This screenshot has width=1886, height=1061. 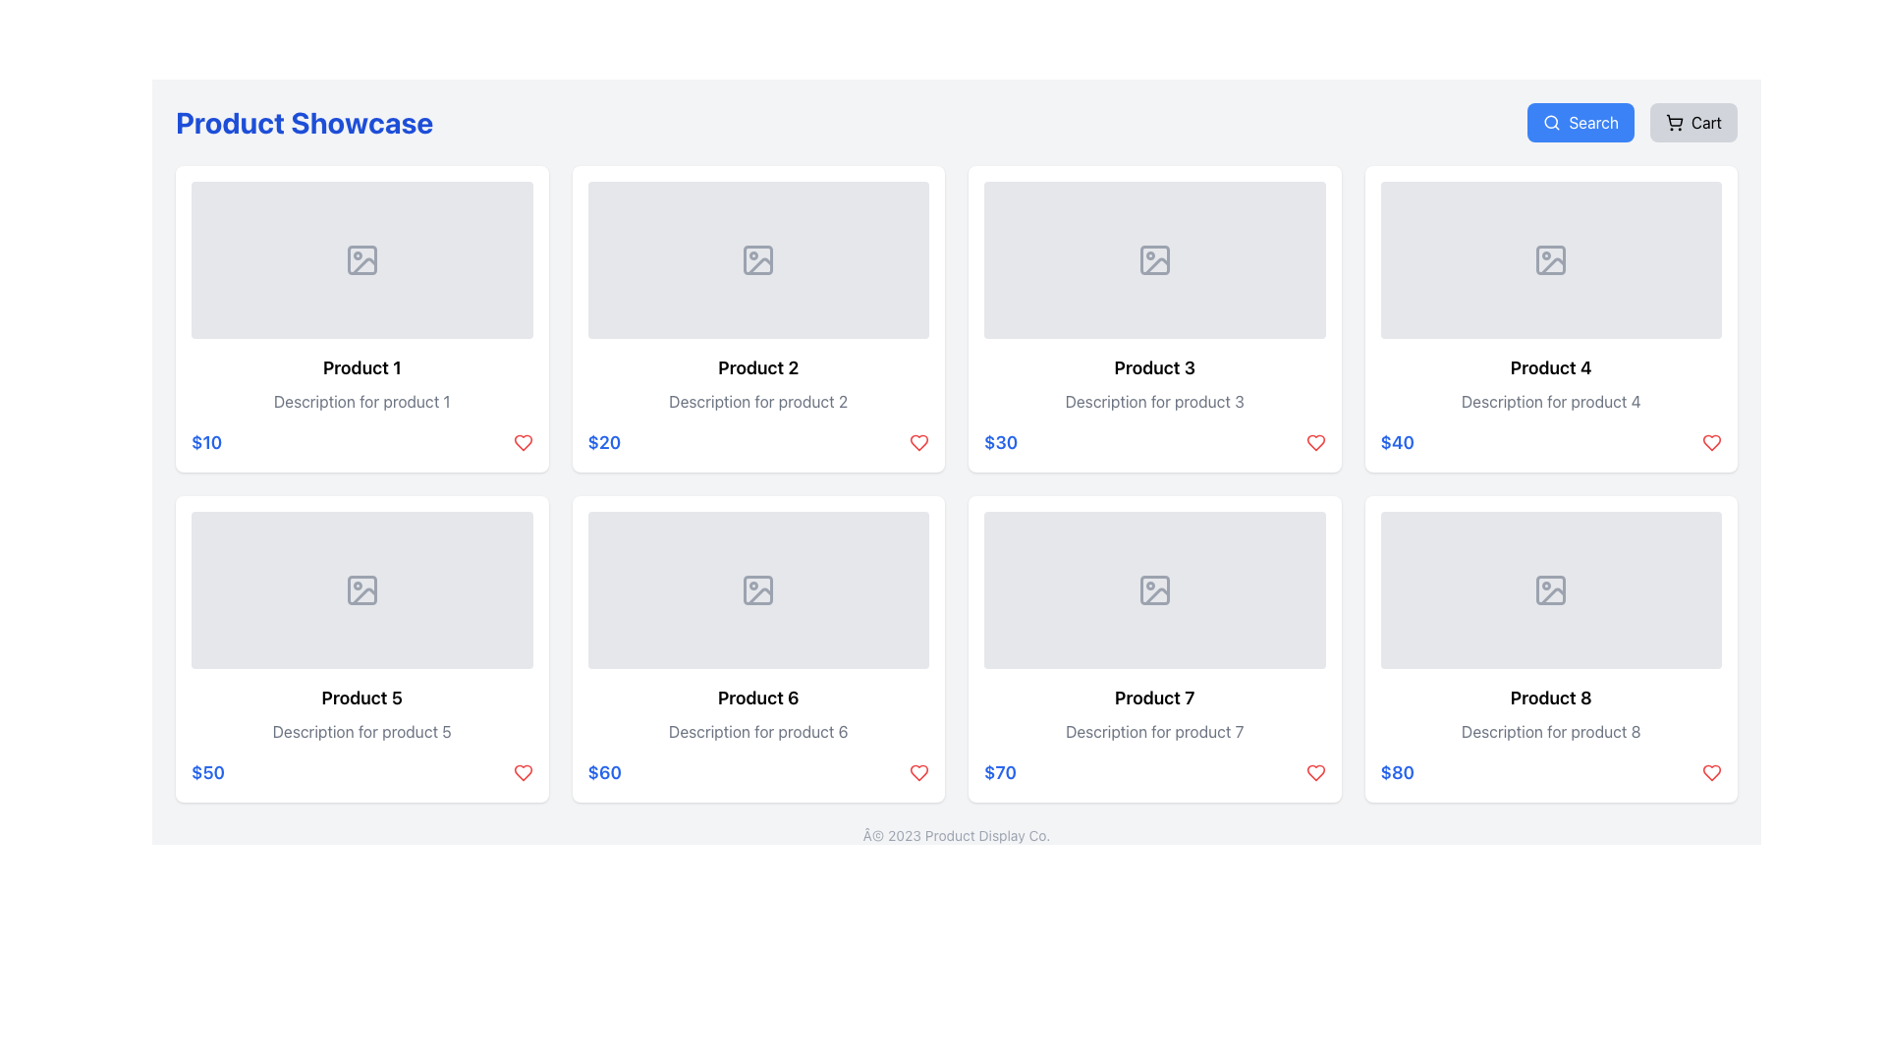 I want to click on the decorative icon within the image placeholder of the 'Product 4' card in the grid layout, so click(x=1550, y=259).